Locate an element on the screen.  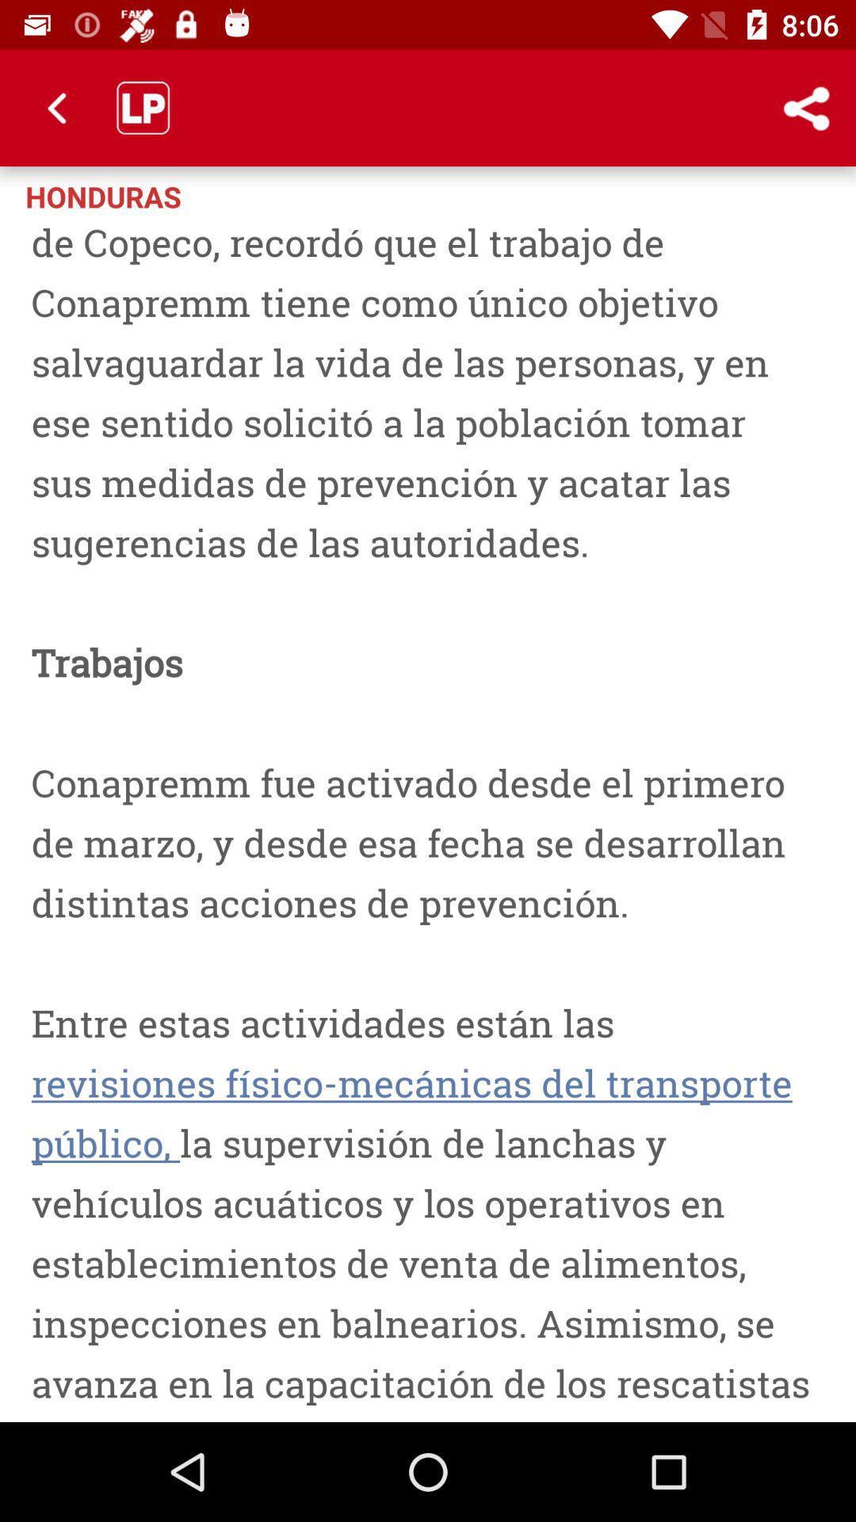
icon above the honduras is located at coordinates (57, 107).